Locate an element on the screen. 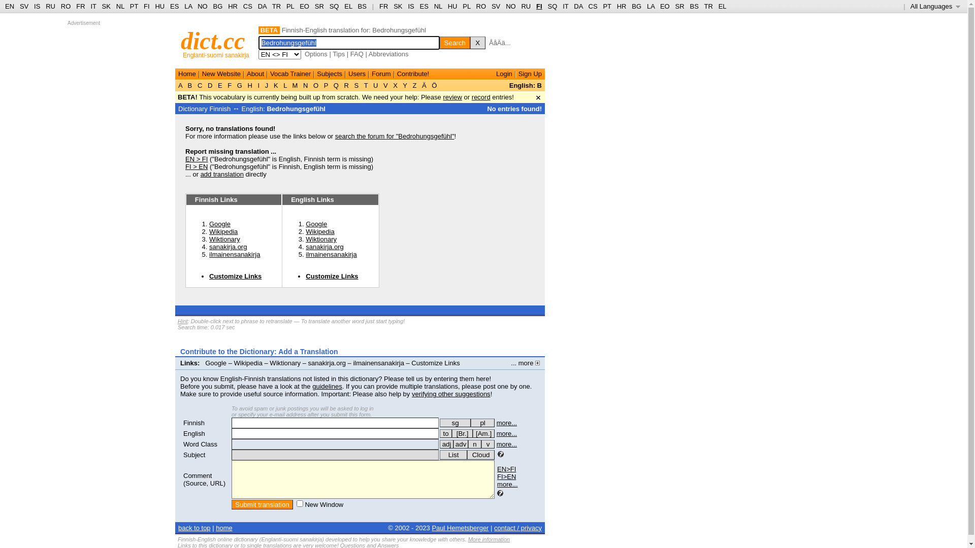 This screenshot has height=548, width=975. 'v' is located at coordinates (481, 443).